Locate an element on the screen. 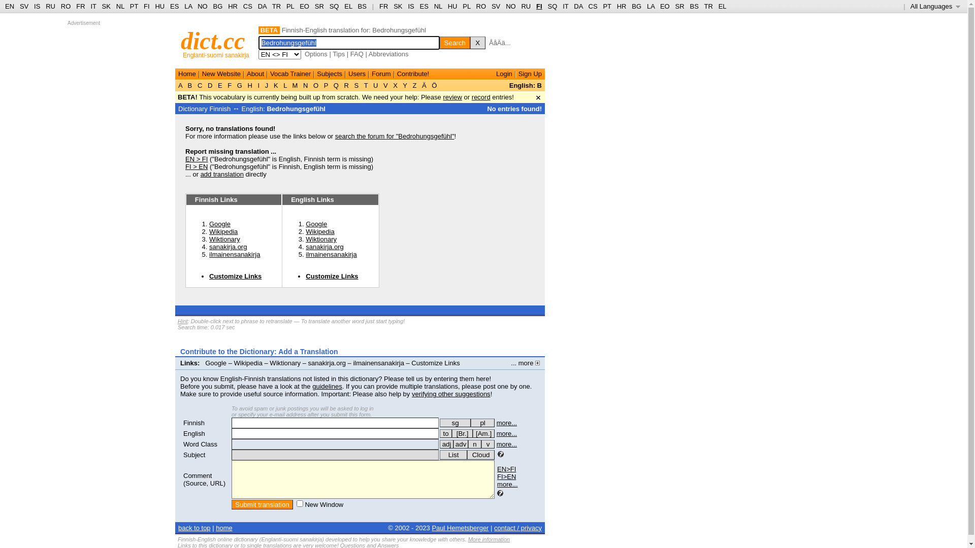 This screenshot has height=548, width=975. 'v' is located at coordinates (481, 443).